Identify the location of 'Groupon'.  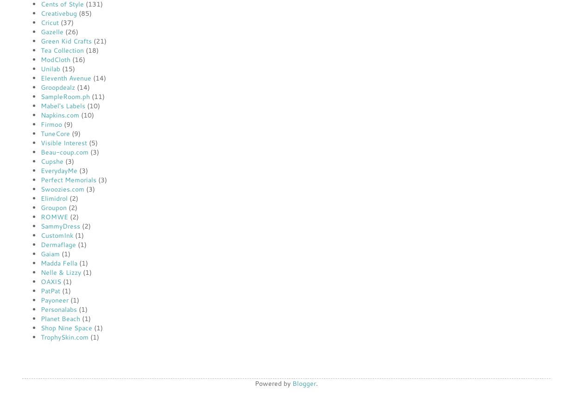
(54, 207).